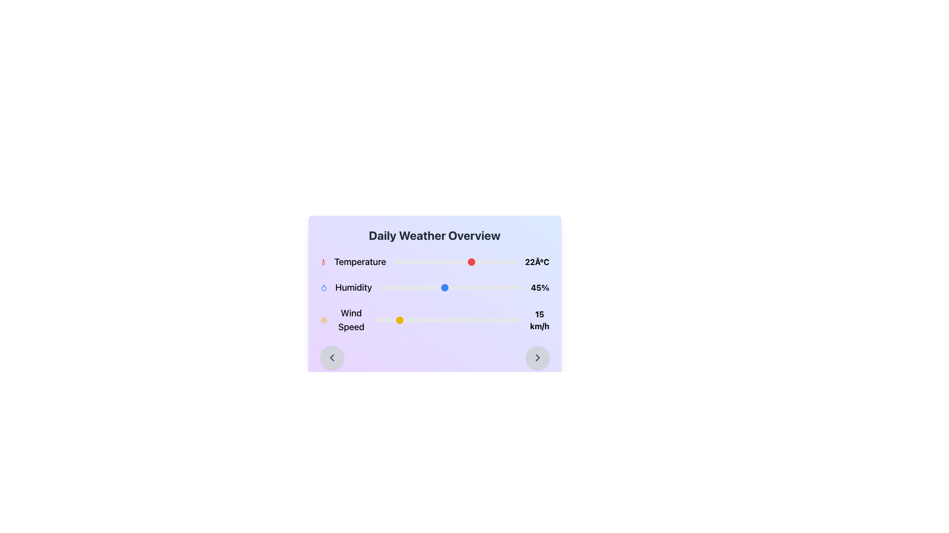 The width and height of the screenshot is (949, 533). What do you see at coordinates (427, 287) in the screenshot?
I see `humidity` at bounding box center [427, 287].